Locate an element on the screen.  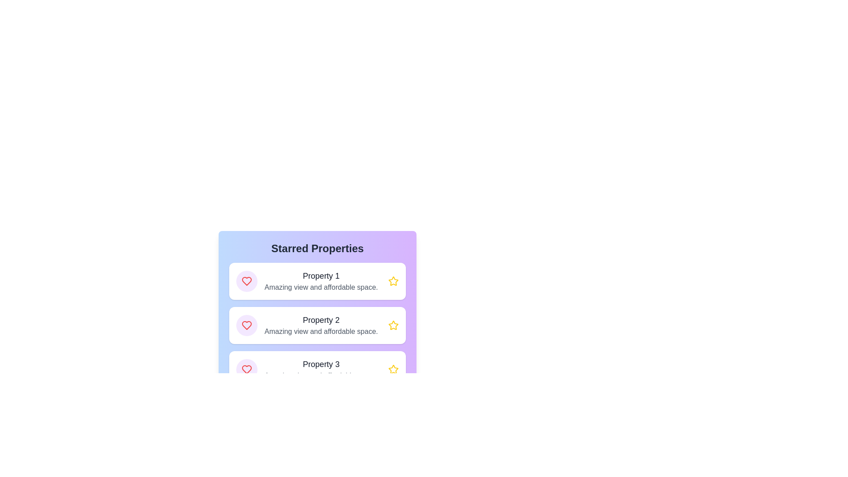
the first list item titled with a description under the 'Starred Properties' heading is located at coordinates (307, 281).